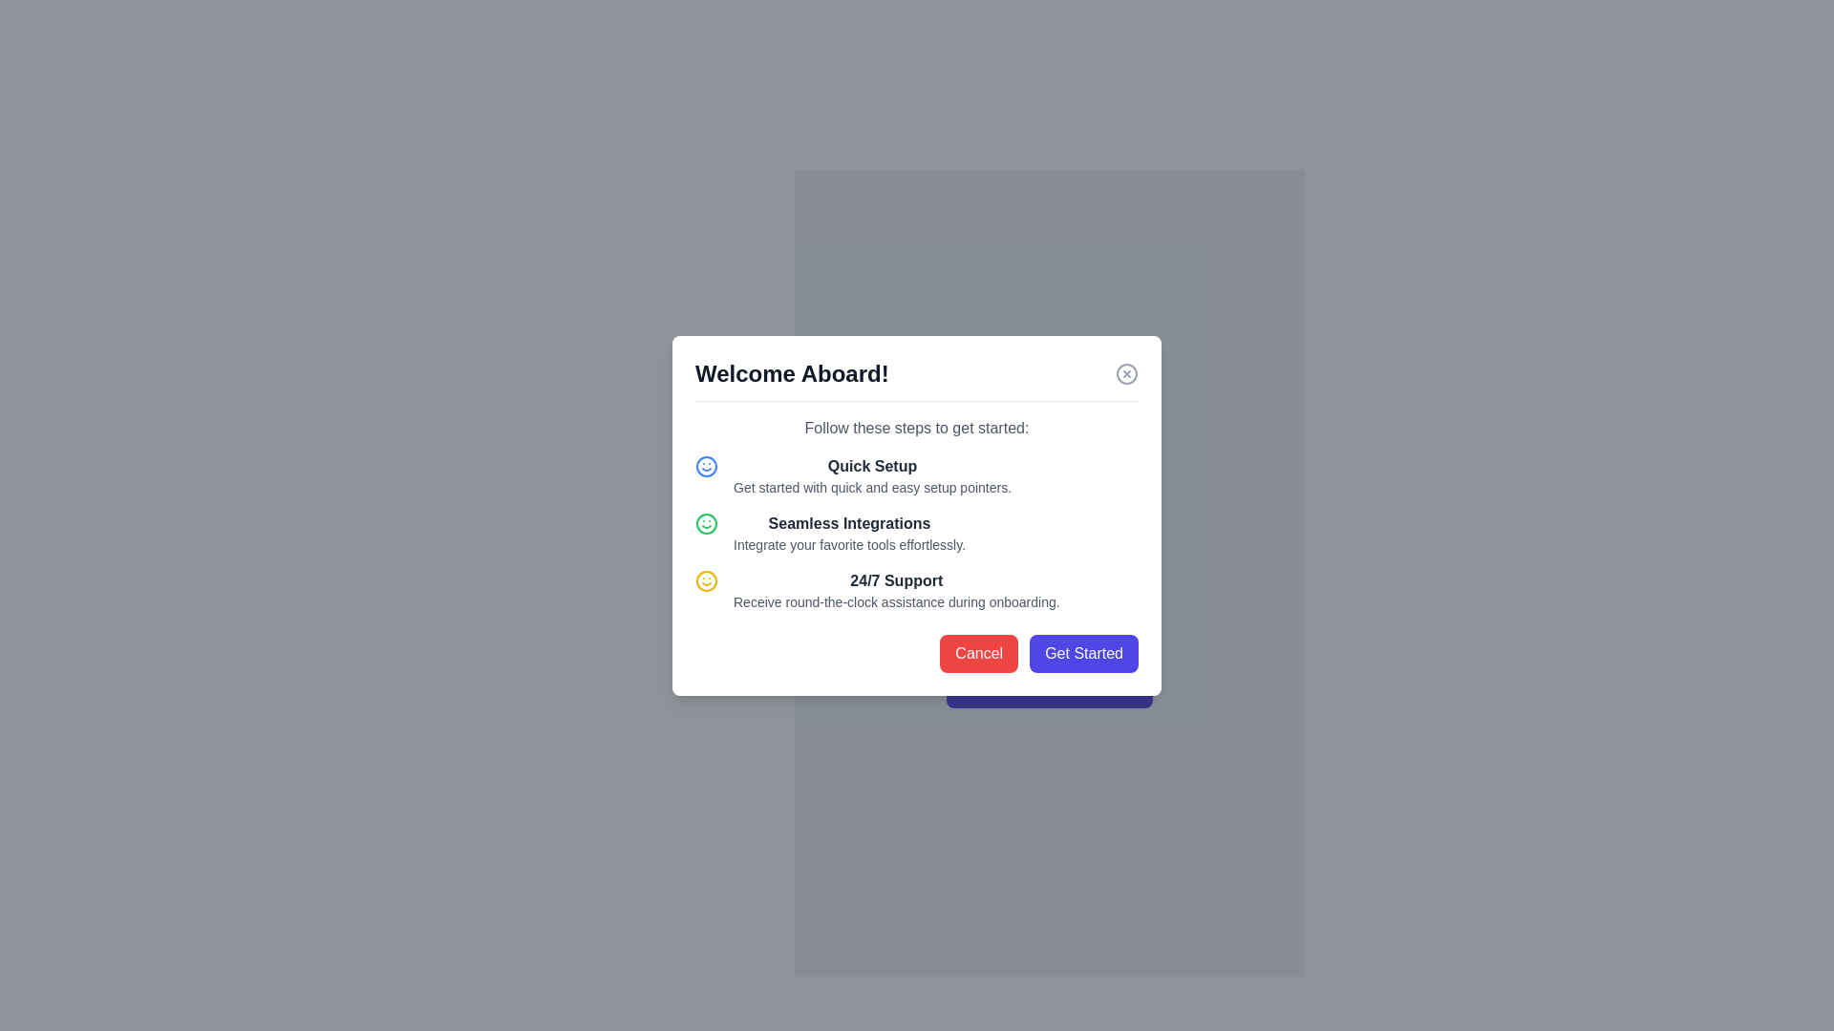  What do you see at coordinates (1127, 373) in the screenshot?
I see `the interactive close icon located in the top-right corner of the dialog box` at bounding box center [1127, 373].